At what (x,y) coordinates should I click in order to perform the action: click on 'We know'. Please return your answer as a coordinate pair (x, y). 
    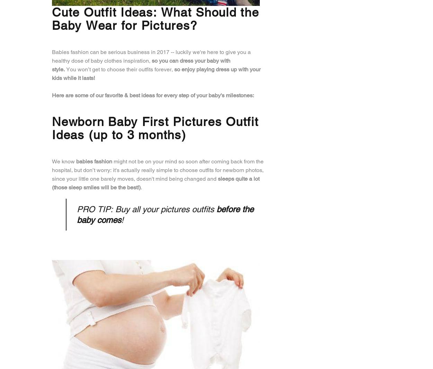
    Looking at the image, I should click on (64, 161).